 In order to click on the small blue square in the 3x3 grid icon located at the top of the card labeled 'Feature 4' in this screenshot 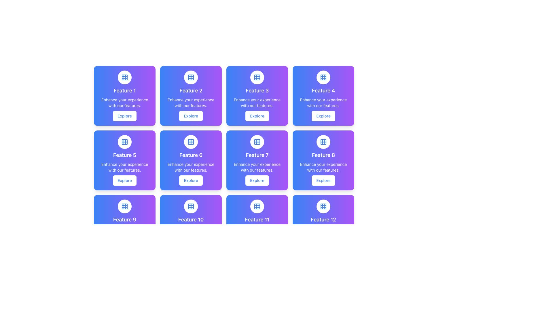, I will do `click(323, 77)`.